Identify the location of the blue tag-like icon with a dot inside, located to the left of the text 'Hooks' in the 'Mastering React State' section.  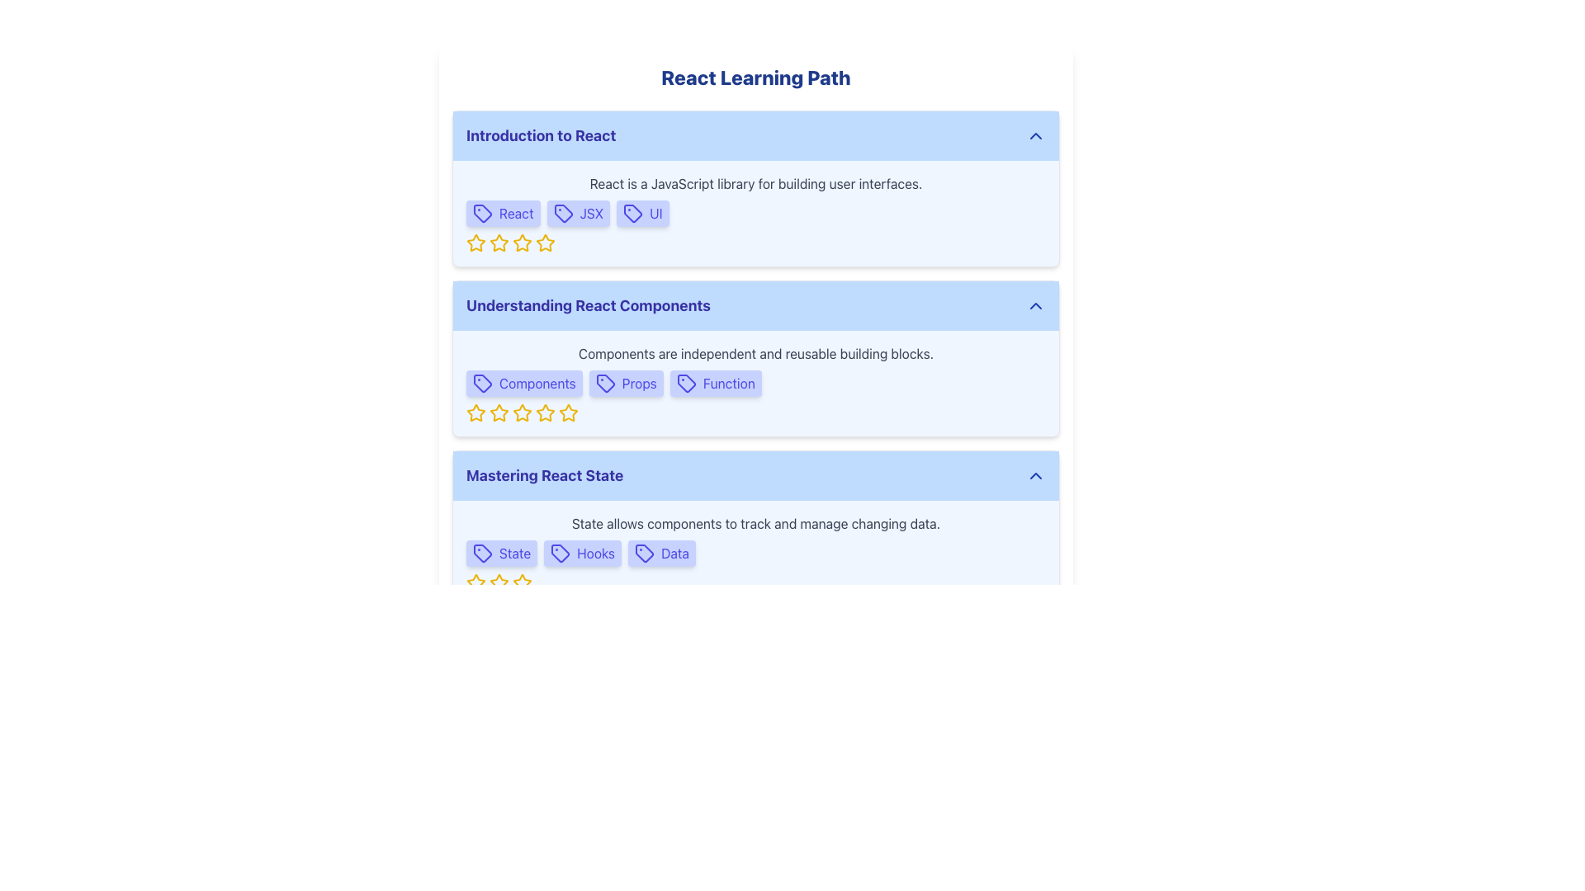
(561, 554).